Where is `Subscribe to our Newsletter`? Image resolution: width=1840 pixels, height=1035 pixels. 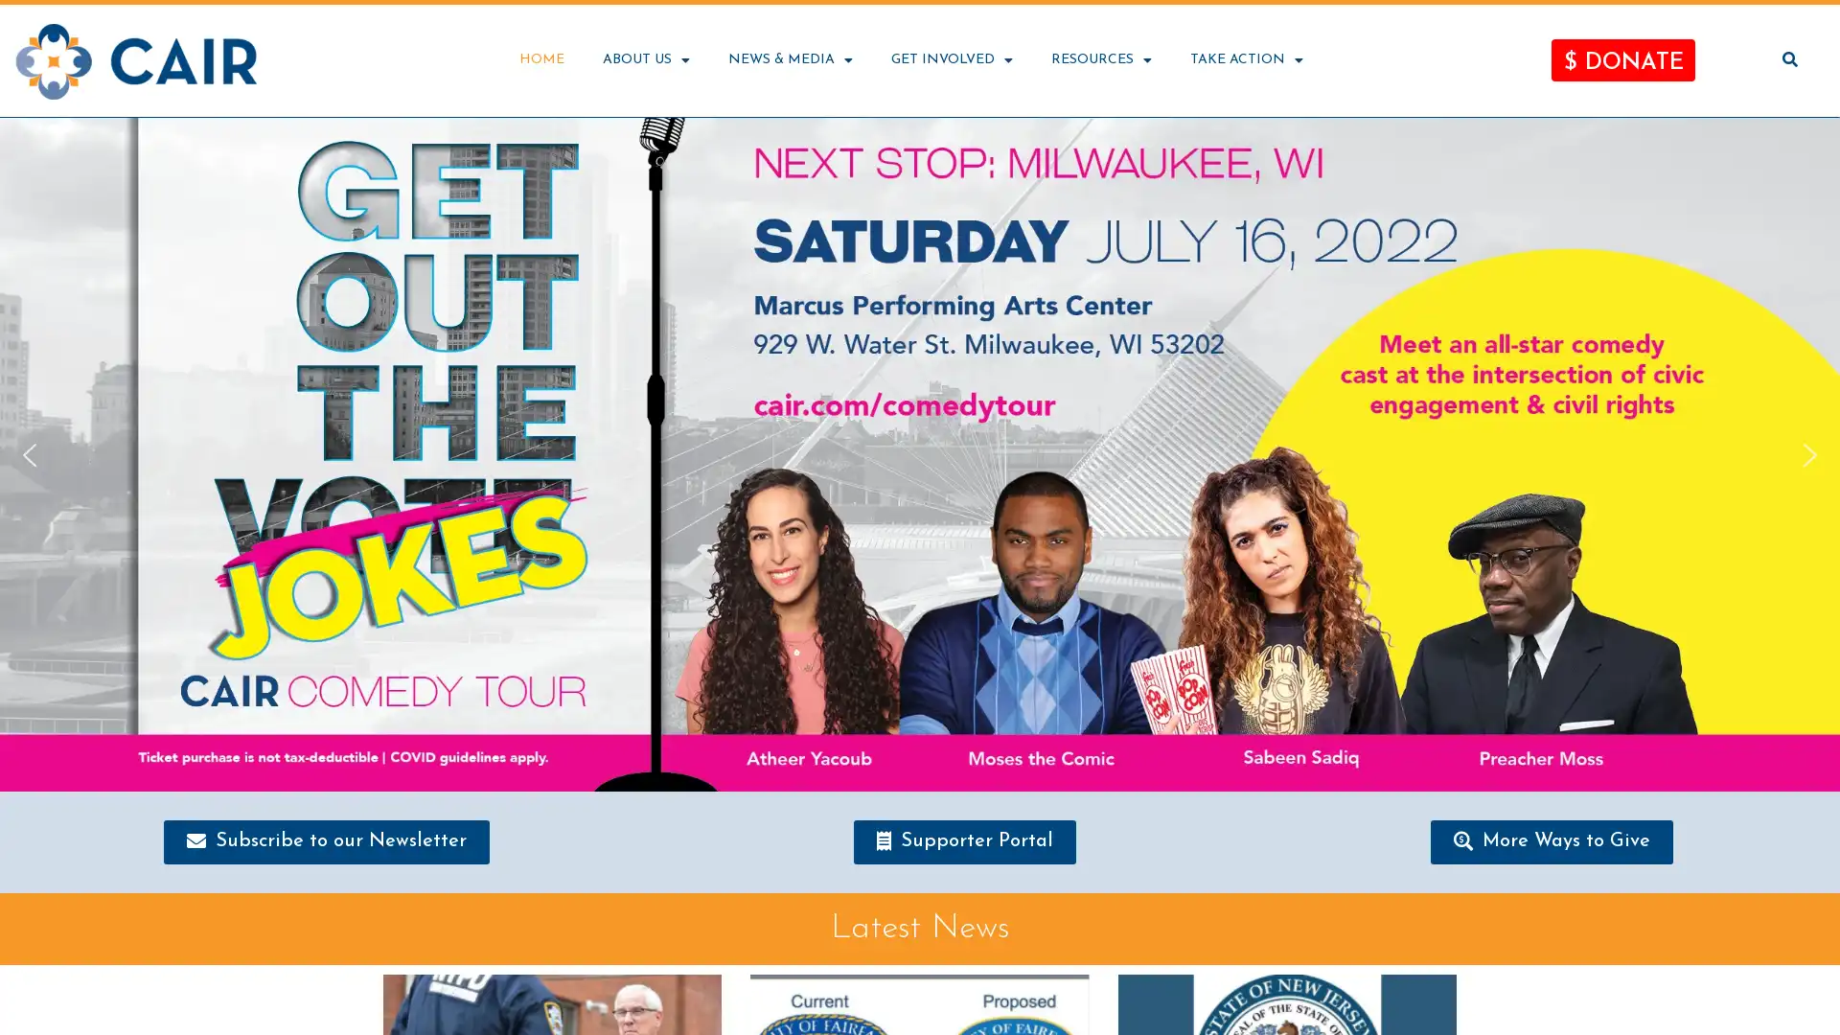
Subscribe to our Newsletter is located at coordinates (326, 841).